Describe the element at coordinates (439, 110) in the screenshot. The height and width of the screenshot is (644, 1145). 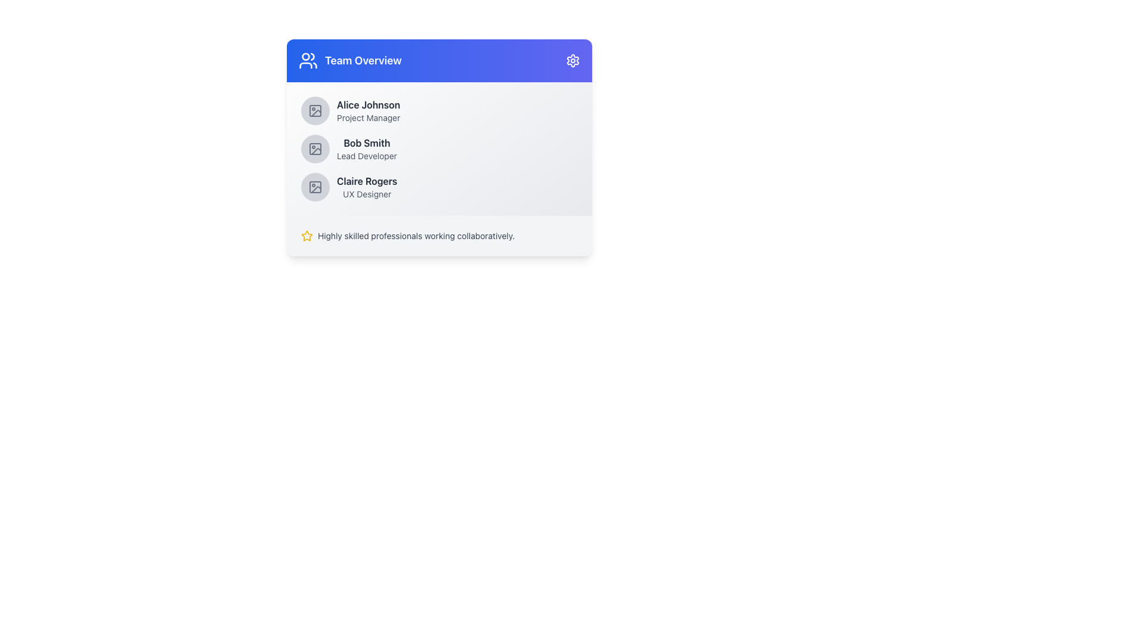
I see `the User Information Card, which displays user details and is located directly above the cards for 'Bob Smith' and 'Claire Rogers'` at that location.